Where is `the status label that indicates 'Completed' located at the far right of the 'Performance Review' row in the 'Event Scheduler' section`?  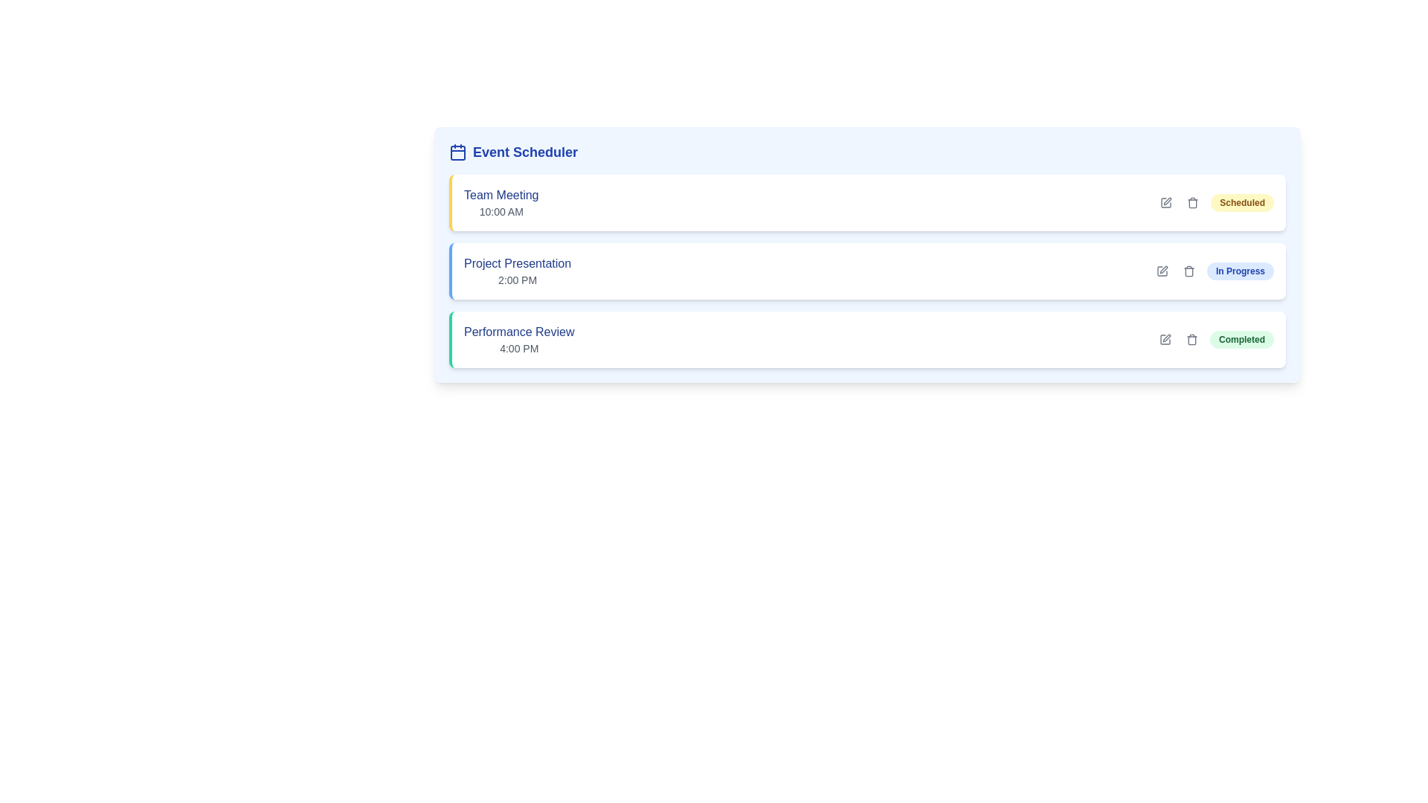
the status label that indicates 'Completed' located at the far right of the 'Performance Review' row in the 'Event Scheduler' section is located at coordinates (1242, 339).